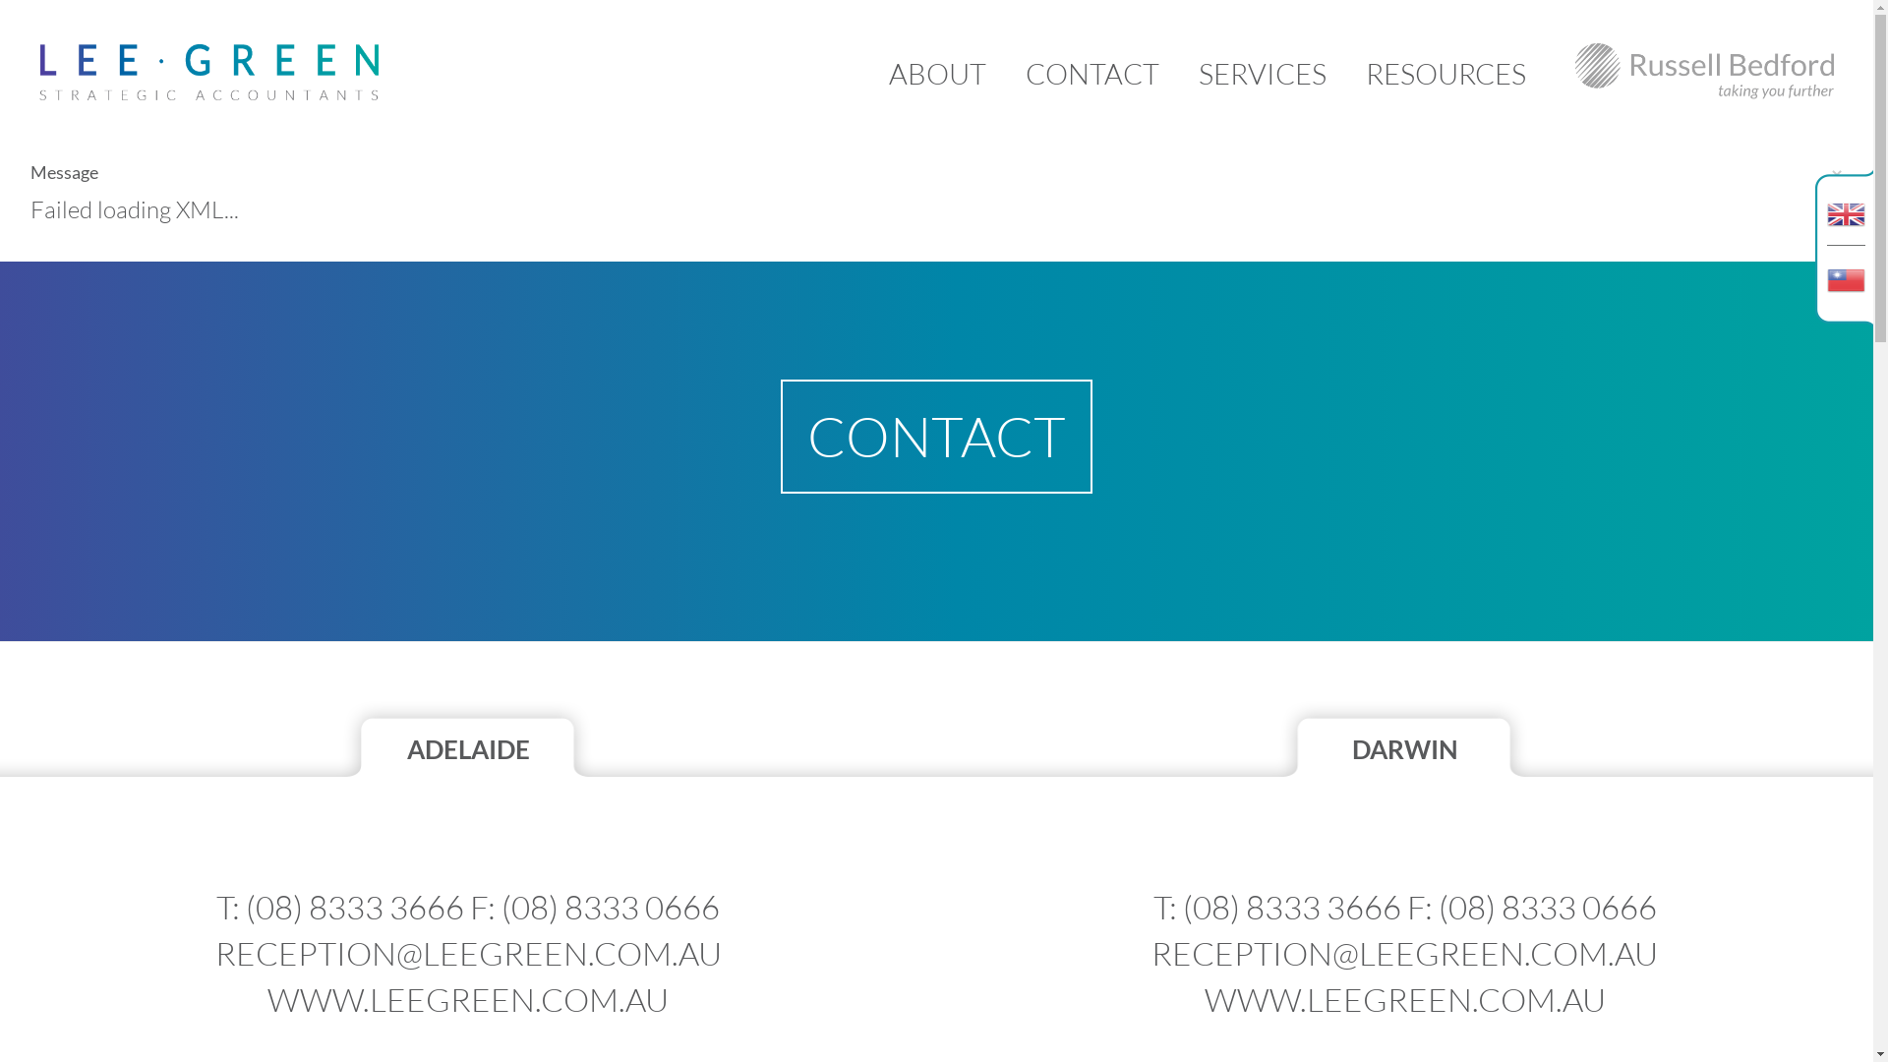 This screenshot has height=1062, width=1888. I want to click on 'RESOURCES', so click(1445, 72).